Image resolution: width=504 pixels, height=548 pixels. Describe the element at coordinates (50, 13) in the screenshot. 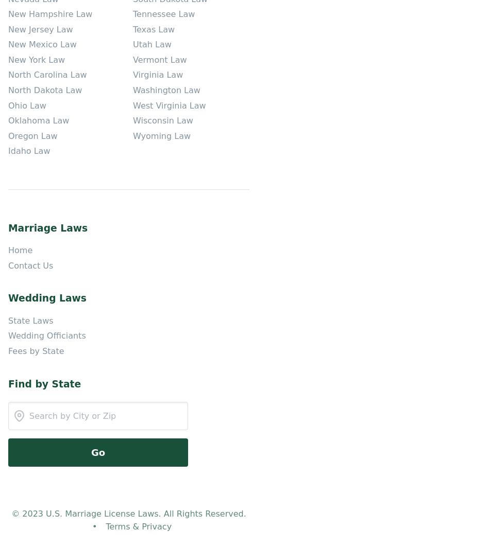

I see `'New Hampshire Law'` at that location.